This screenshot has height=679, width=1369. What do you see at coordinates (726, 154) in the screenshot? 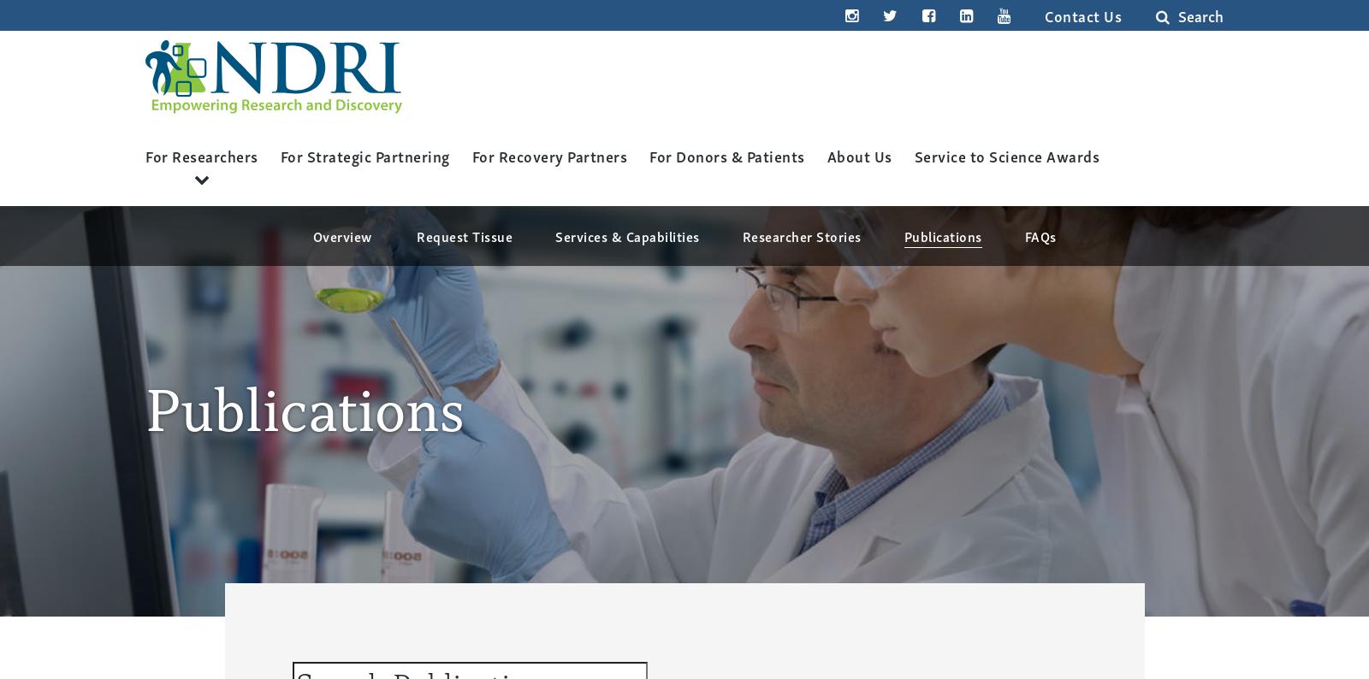
I see `'For Donors & Patients'` at bounding box center [726, 154].